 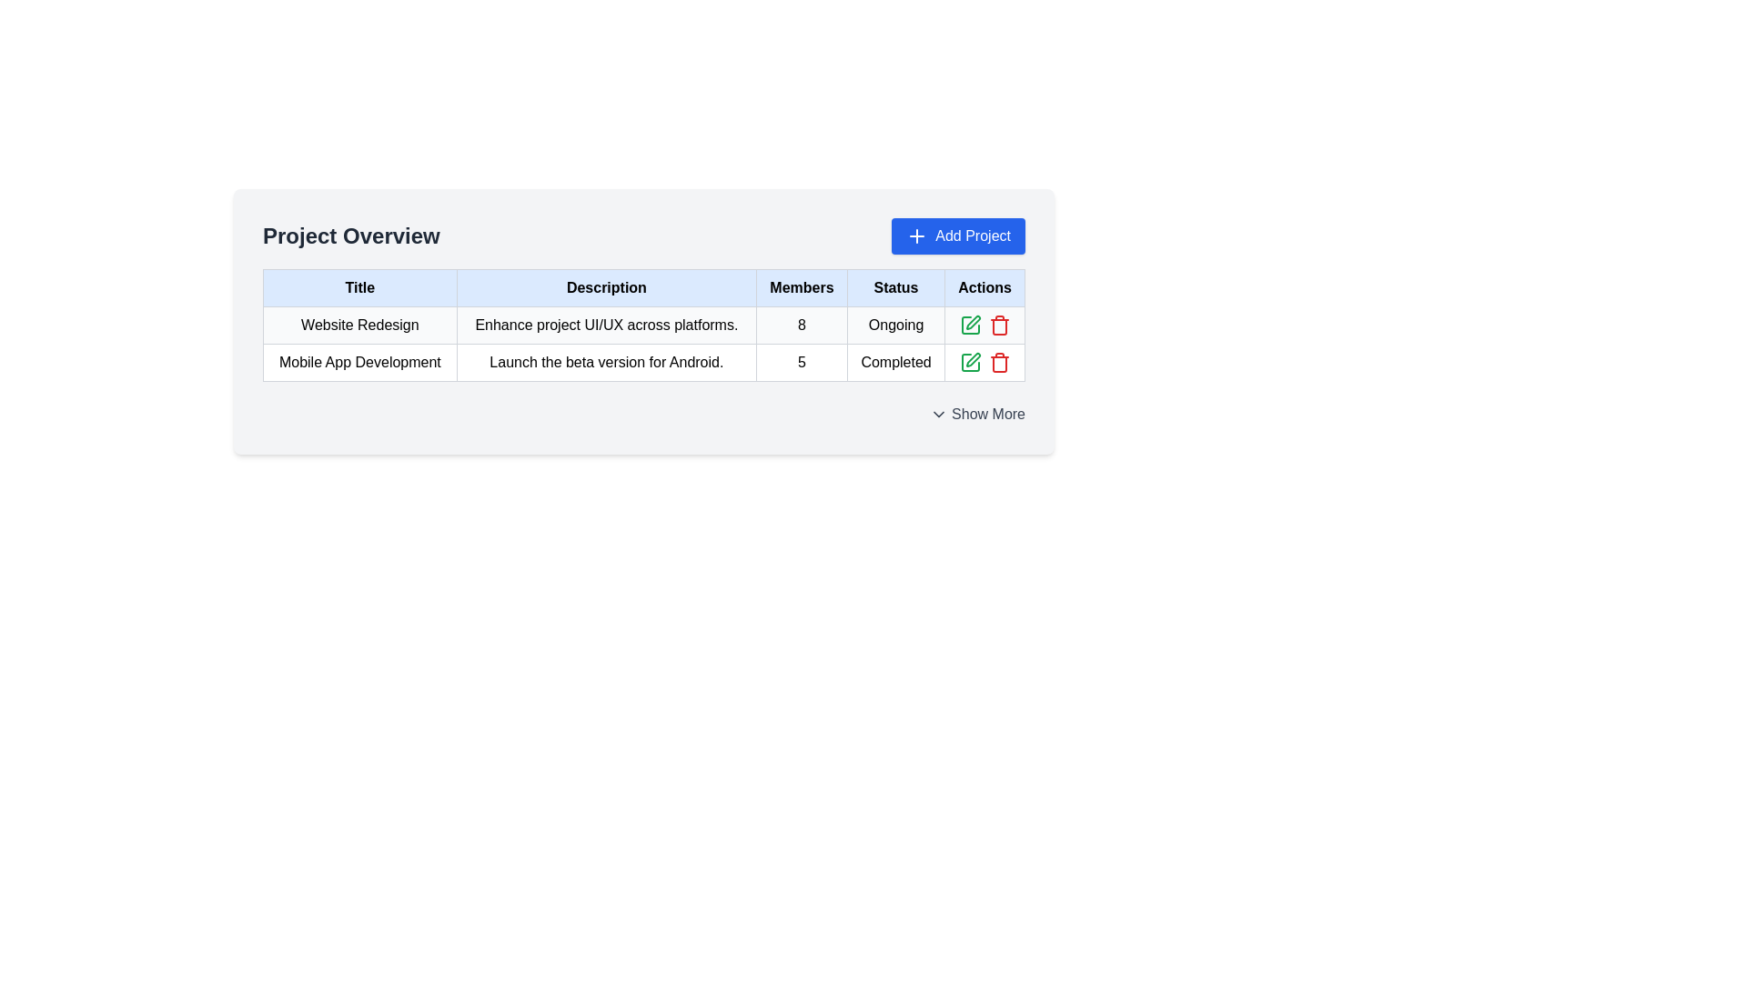 What do you see at coordinates (801, 325) in the screenshot?
I see `the third cell in the 'Members' column of the table that represents the number of members involved in the 'Website Redesign' project` at bounding box center [801, 325].